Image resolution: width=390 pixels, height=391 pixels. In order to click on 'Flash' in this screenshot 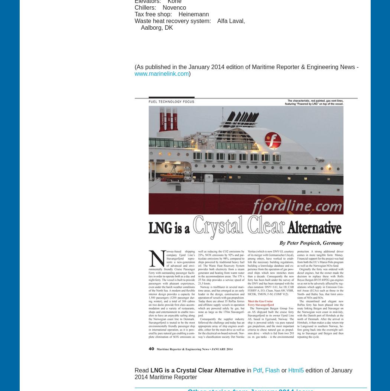, I will do `click(272, 370)`.